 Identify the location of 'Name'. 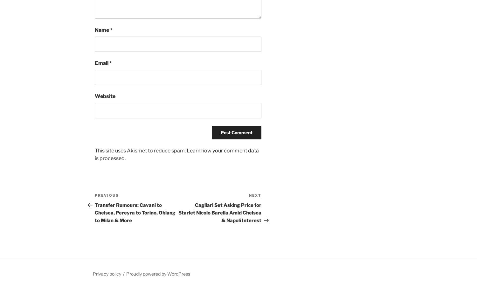
(102, 30).